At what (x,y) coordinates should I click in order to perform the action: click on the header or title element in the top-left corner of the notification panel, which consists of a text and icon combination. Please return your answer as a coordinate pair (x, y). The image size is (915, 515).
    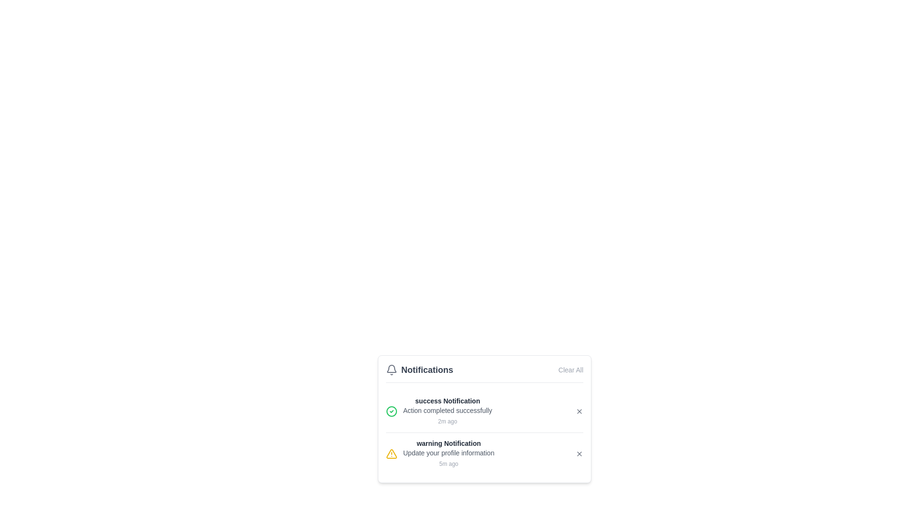
    Looking at the image, I should click on (419, 369).